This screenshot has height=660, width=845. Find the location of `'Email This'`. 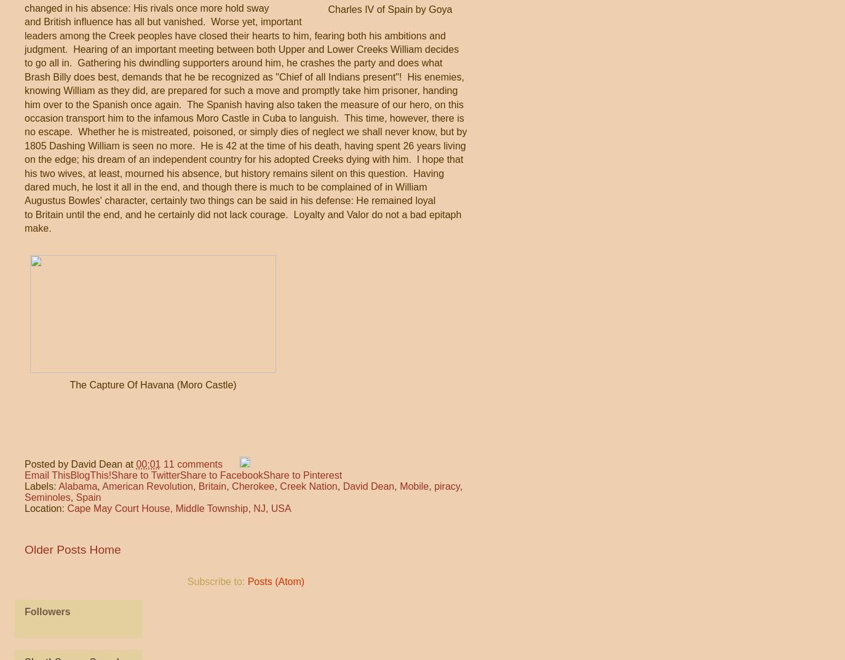

'Email This' is located at coordinates (23, 474).